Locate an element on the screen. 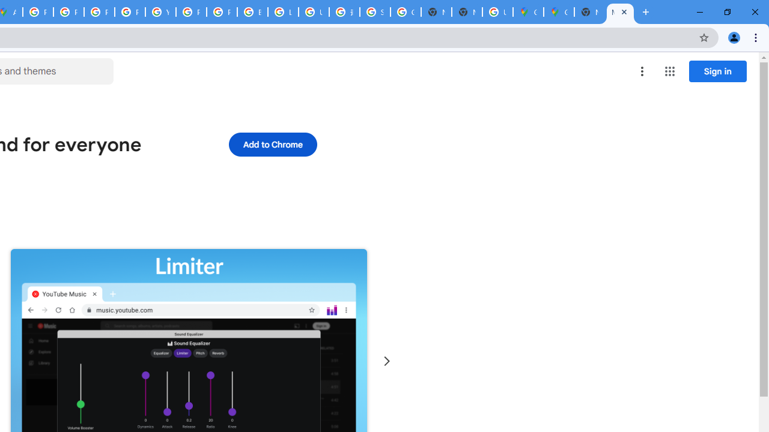  'Bookmark this tab' is located at coordinates (704, 37).